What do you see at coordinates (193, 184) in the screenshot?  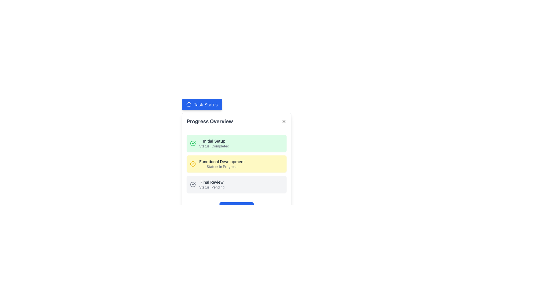 I see `the circular segment of the checkmark icon within the outlined circle in the third section of the 'Progress Overview' modal, aligned with the 'Final Review' label` at bounding box center [193, 184].